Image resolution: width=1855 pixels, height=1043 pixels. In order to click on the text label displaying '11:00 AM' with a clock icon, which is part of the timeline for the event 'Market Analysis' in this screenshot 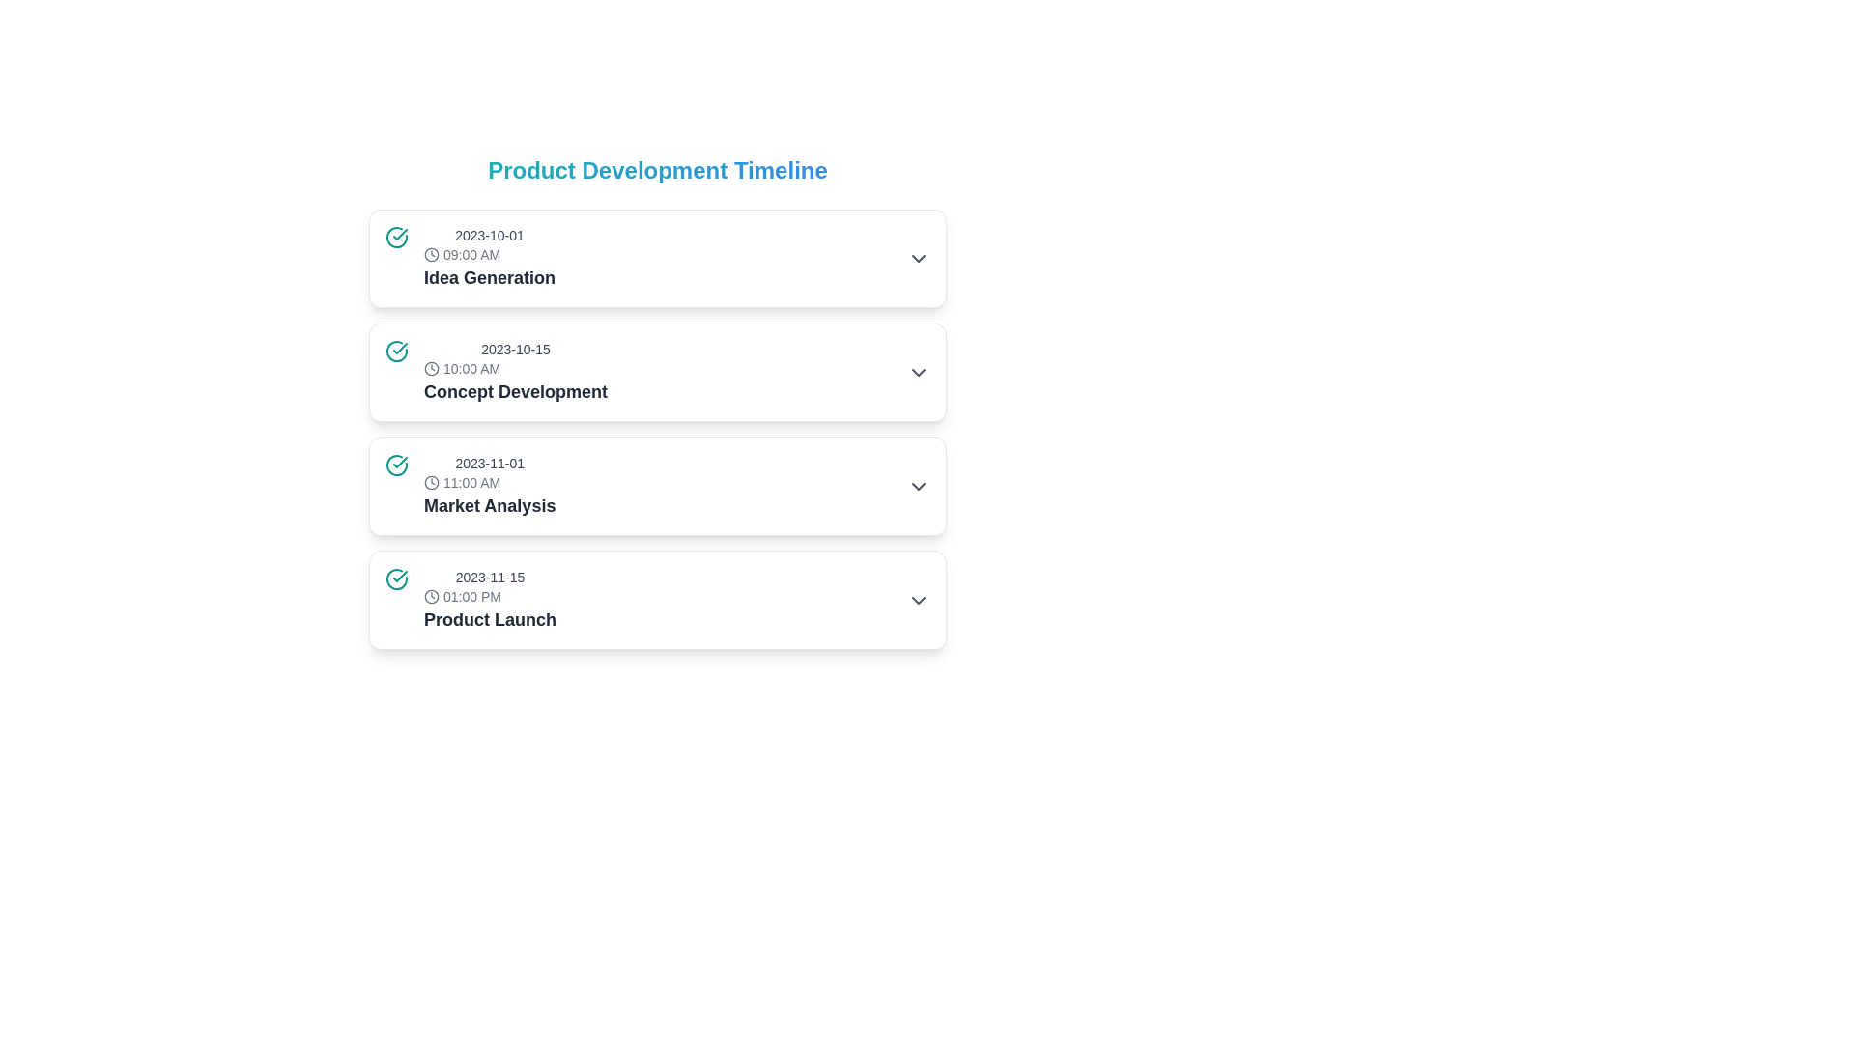, I will do `click(490, 482)`.